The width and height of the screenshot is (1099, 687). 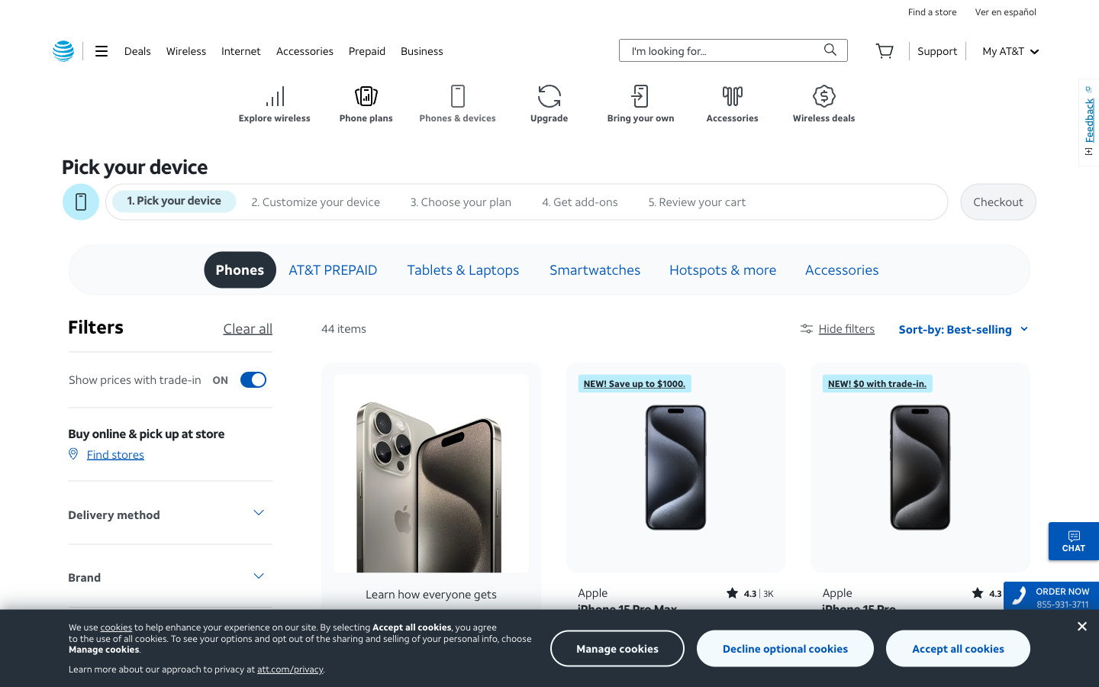 What do you see at coordinates (936, 50) in the screenshot?
I see `the support section` at bounding box center [936, 50].